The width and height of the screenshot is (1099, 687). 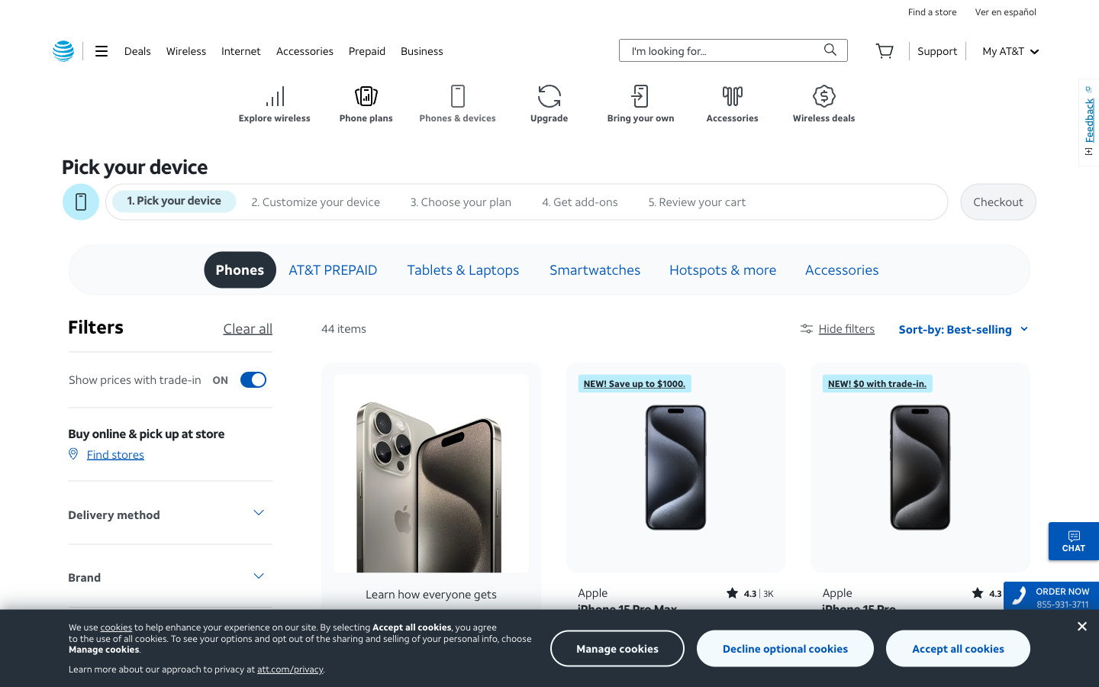 What do you see at coordinates (936, 50) in the screenshot?
I see `the support section` at bounding box center [936, 50].